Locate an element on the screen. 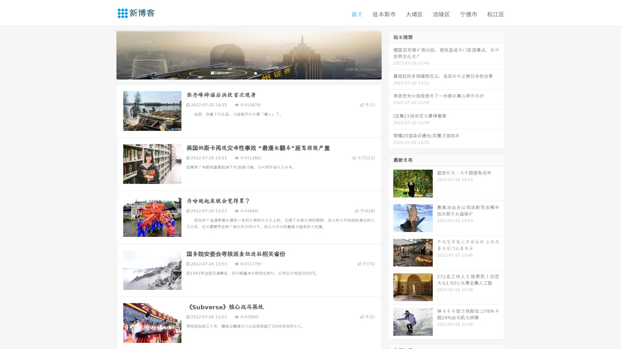  Go to slide 3 is located at coordinates (255, 73).